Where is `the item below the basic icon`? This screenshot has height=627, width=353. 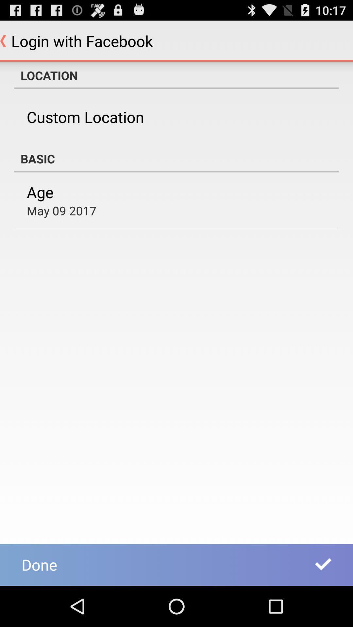 the item below the basic icon is located at coordinates (40, 192).